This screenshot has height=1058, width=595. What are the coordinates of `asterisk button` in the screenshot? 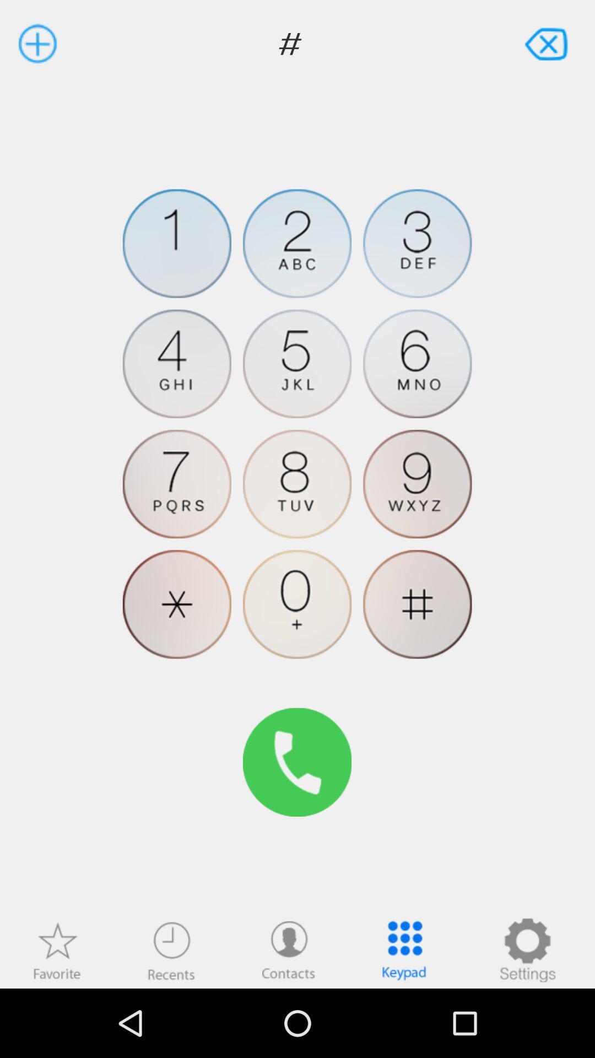 It's located at (176, 603).